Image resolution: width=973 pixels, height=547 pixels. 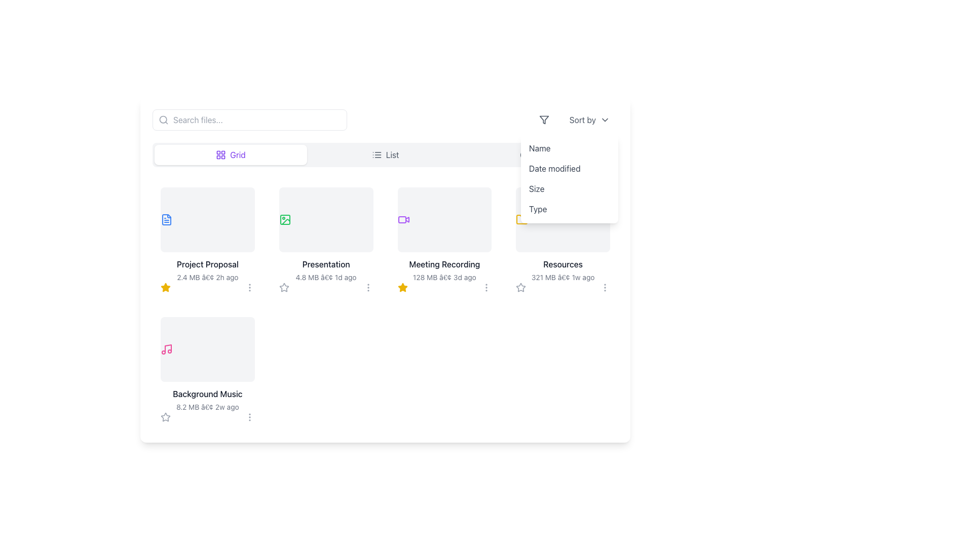 I want to click on keyboard navigation, so click(x=207, y=263).